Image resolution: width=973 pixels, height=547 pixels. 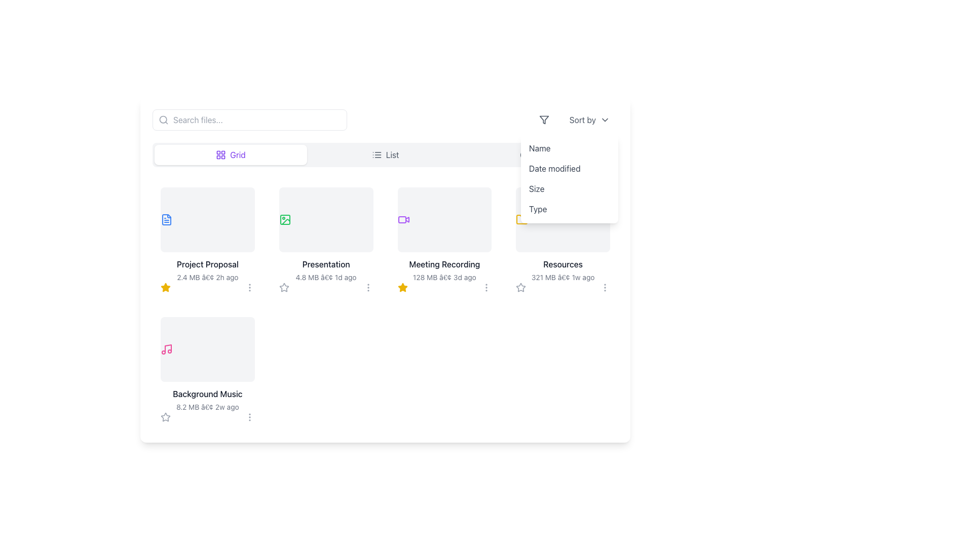 I want to click on keyboard navigation, so click(x=207, y=263).